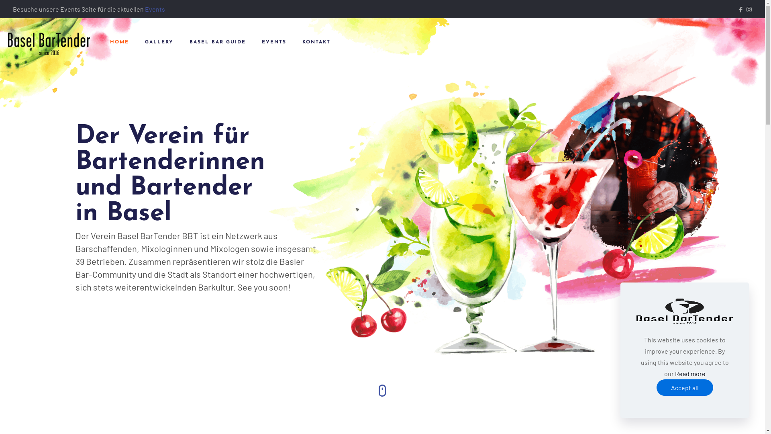 The image size is (771, 434). What do you see at coordinates (689, 373) in the screenshot?
I see `'Read more'` at bounding box center [689, 373].